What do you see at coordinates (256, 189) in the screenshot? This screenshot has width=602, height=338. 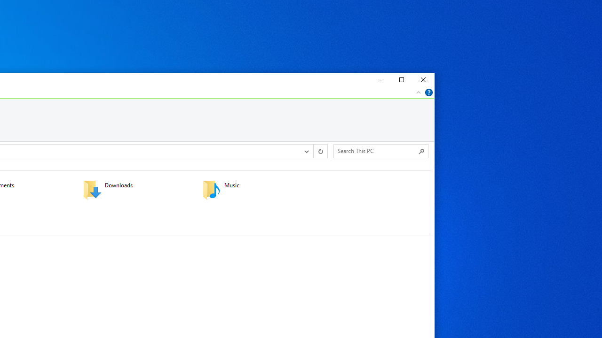 I see `'Music'` at bounding box center [256, 189].